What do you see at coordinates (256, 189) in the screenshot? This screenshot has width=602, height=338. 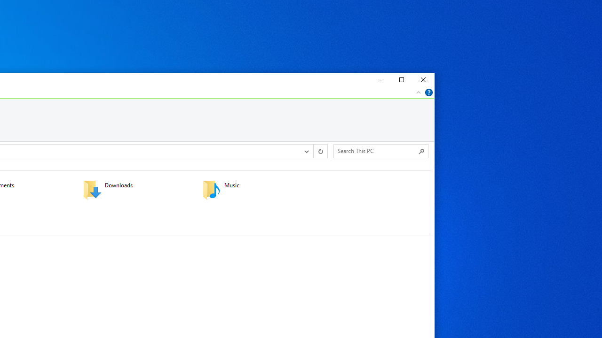 I see `'Music'` at bounding box center [256, 189].